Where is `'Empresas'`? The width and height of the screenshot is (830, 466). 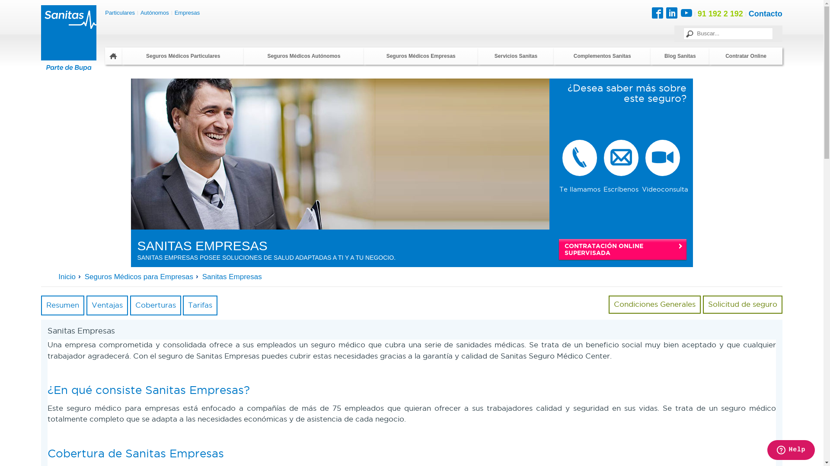 'Empresas' is located at coordinates (187, 13).